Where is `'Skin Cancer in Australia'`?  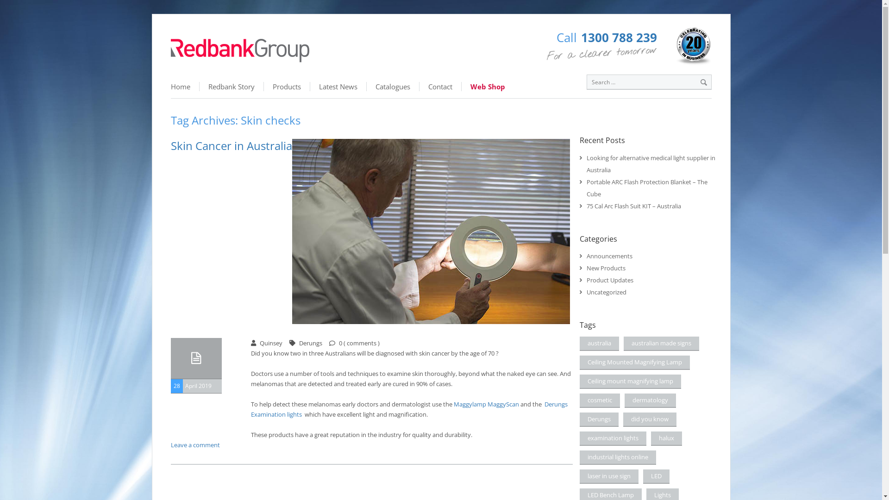
'Skin Cancer in Australia' is located at coordinates (231, 145).